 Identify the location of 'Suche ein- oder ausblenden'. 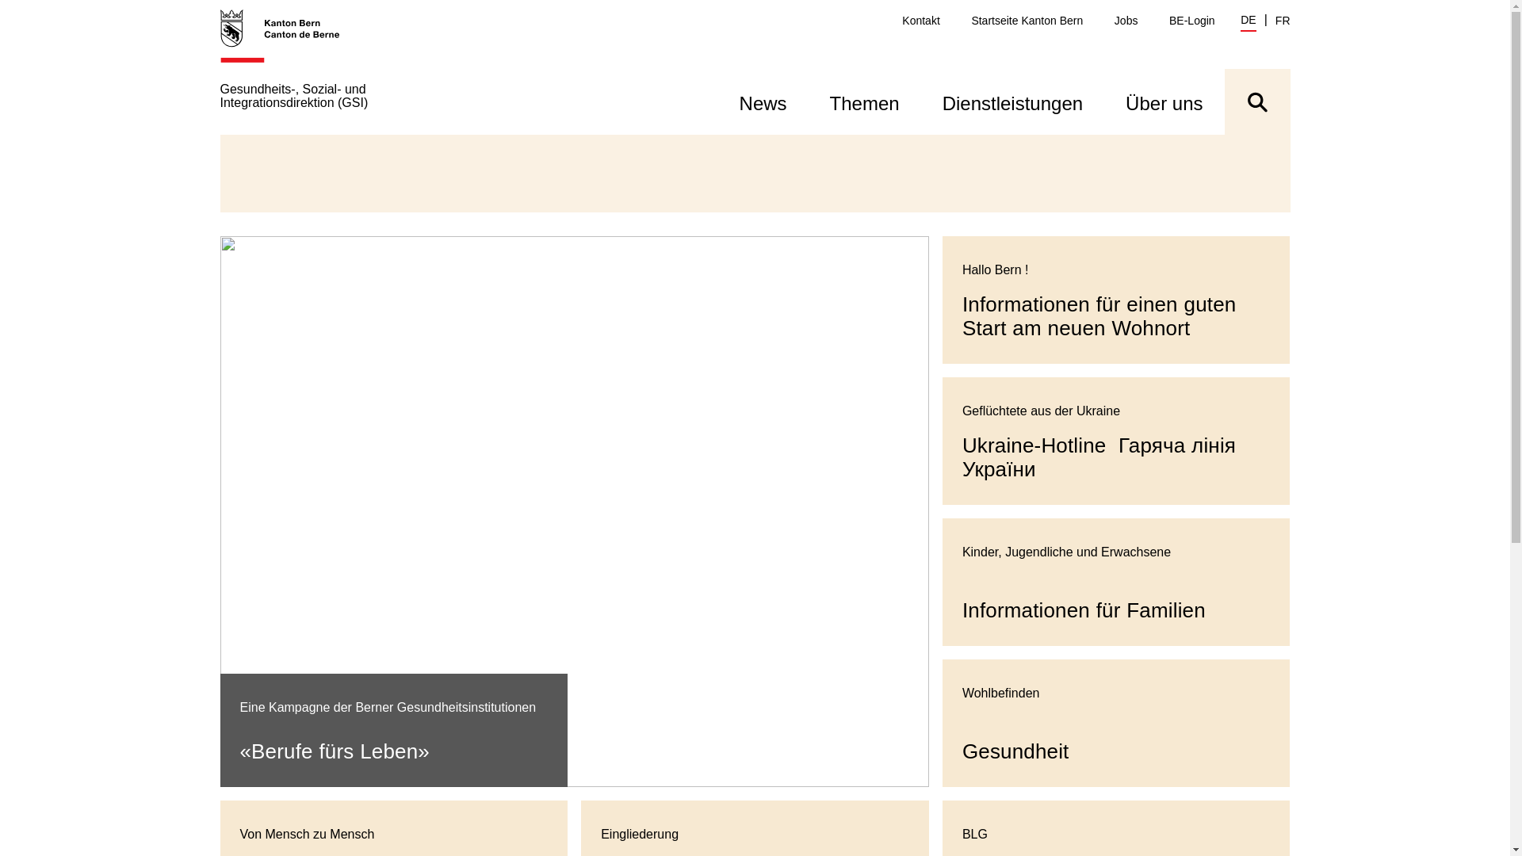
(1256, 101).